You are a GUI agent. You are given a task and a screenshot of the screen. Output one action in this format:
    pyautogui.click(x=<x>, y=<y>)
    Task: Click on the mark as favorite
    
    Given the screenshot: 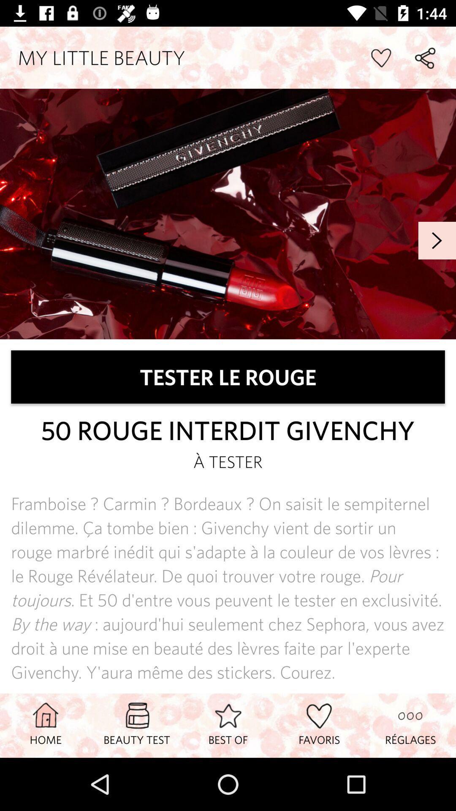 What is the action you would take?
    pyautogui.click(x=380, y=57)
    